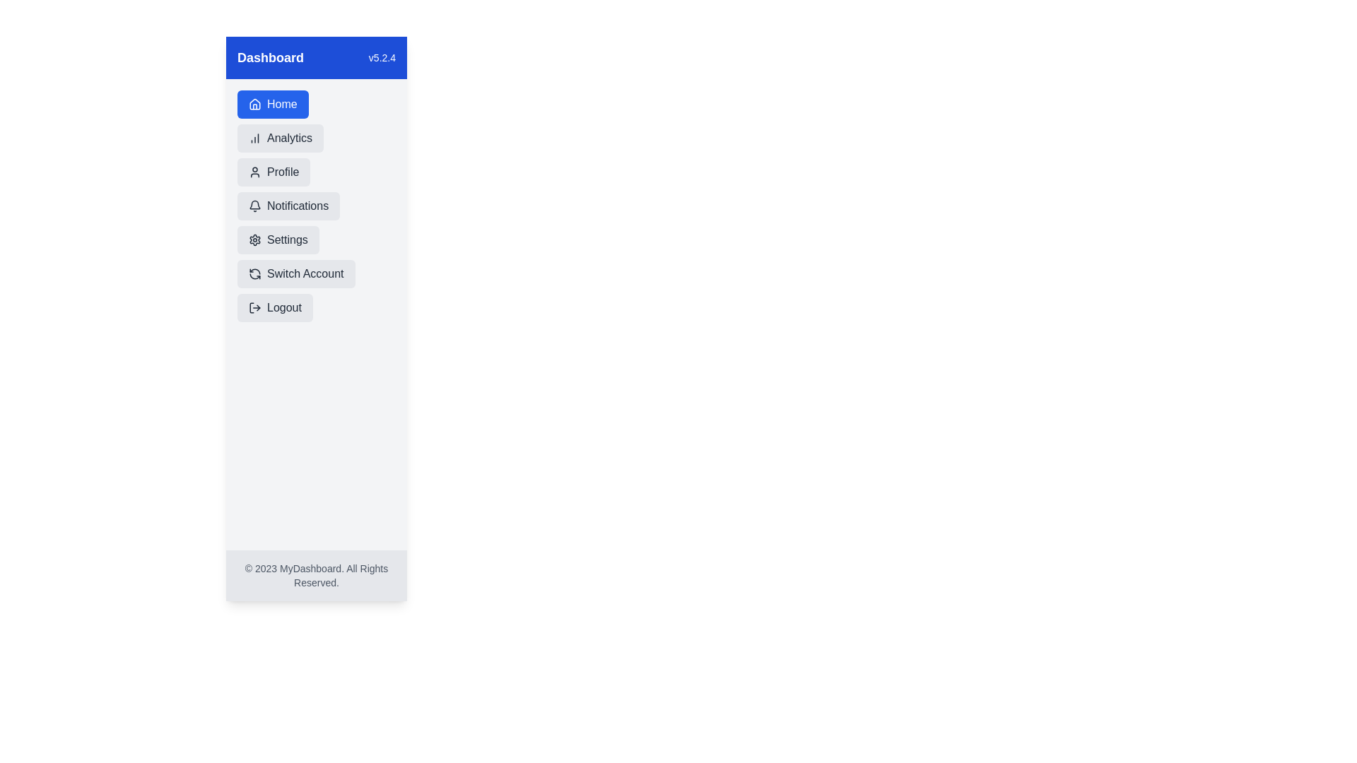 The image size is (1357, 763). What do you see at coordinates (282, 103) in the screenshot?
I see `the text label that serves as the label for the navigation button directing users to the homepage located in the vertical navigation menu on the left side of the interface` at bounding box center [282, 103].